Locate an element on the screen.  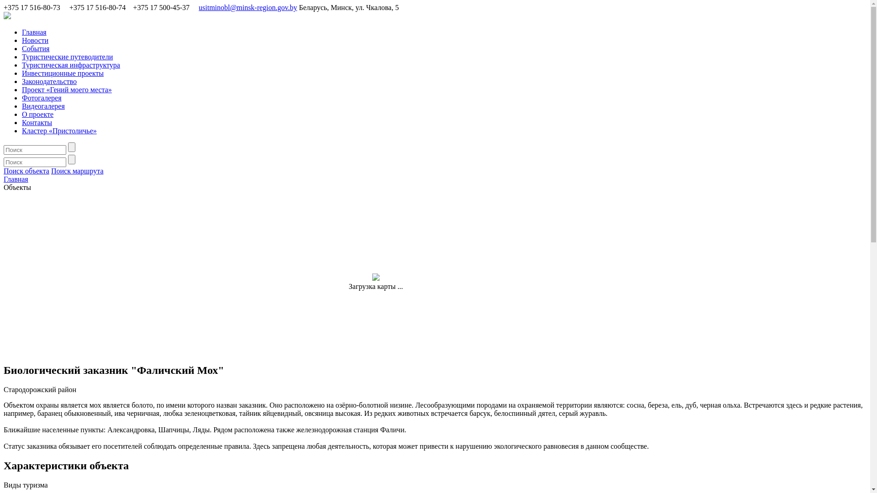
'usitminobl@minsk-region.gov.by' is located at coordinates (198, 7).